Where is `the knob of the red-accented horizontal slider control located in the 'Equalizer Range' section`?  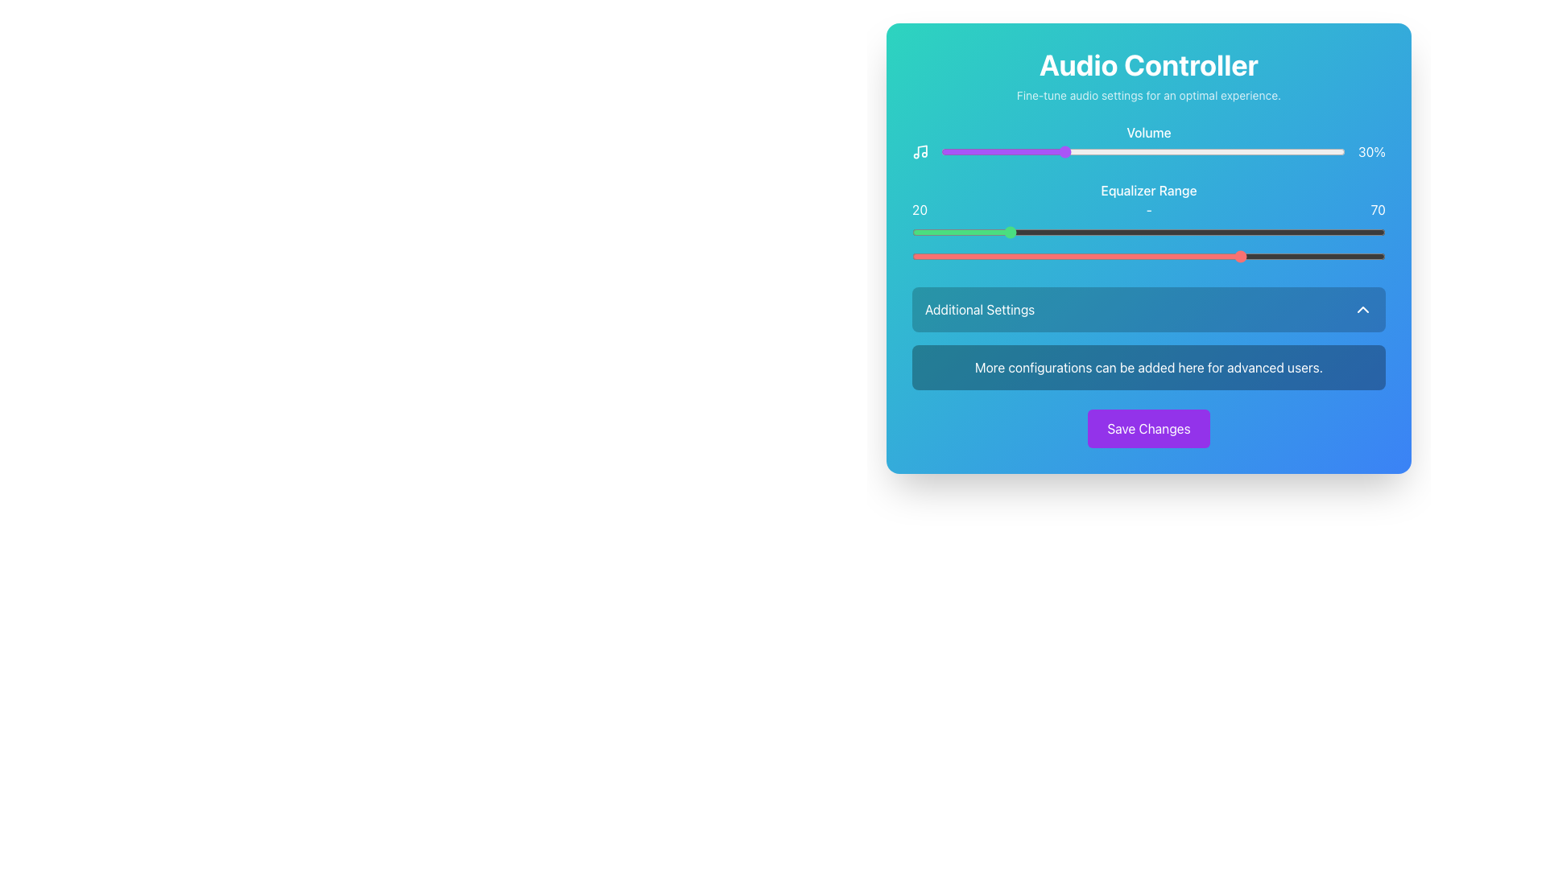
the knob of the red-accented horizontal slider control located in the 'Equalizer Range' section is located at coordinates (1147, 256).